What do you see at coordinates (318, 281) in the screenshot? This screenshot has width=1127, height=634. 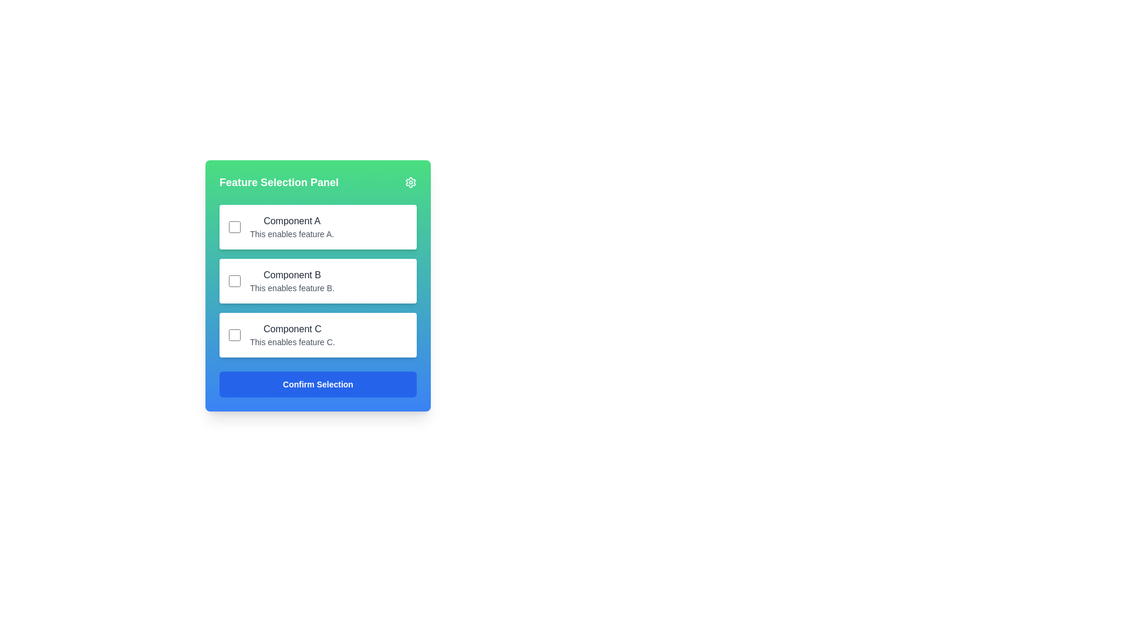 I see `the Selectable Item Section labeled 'Component B'` at bounding box center [318, 281].